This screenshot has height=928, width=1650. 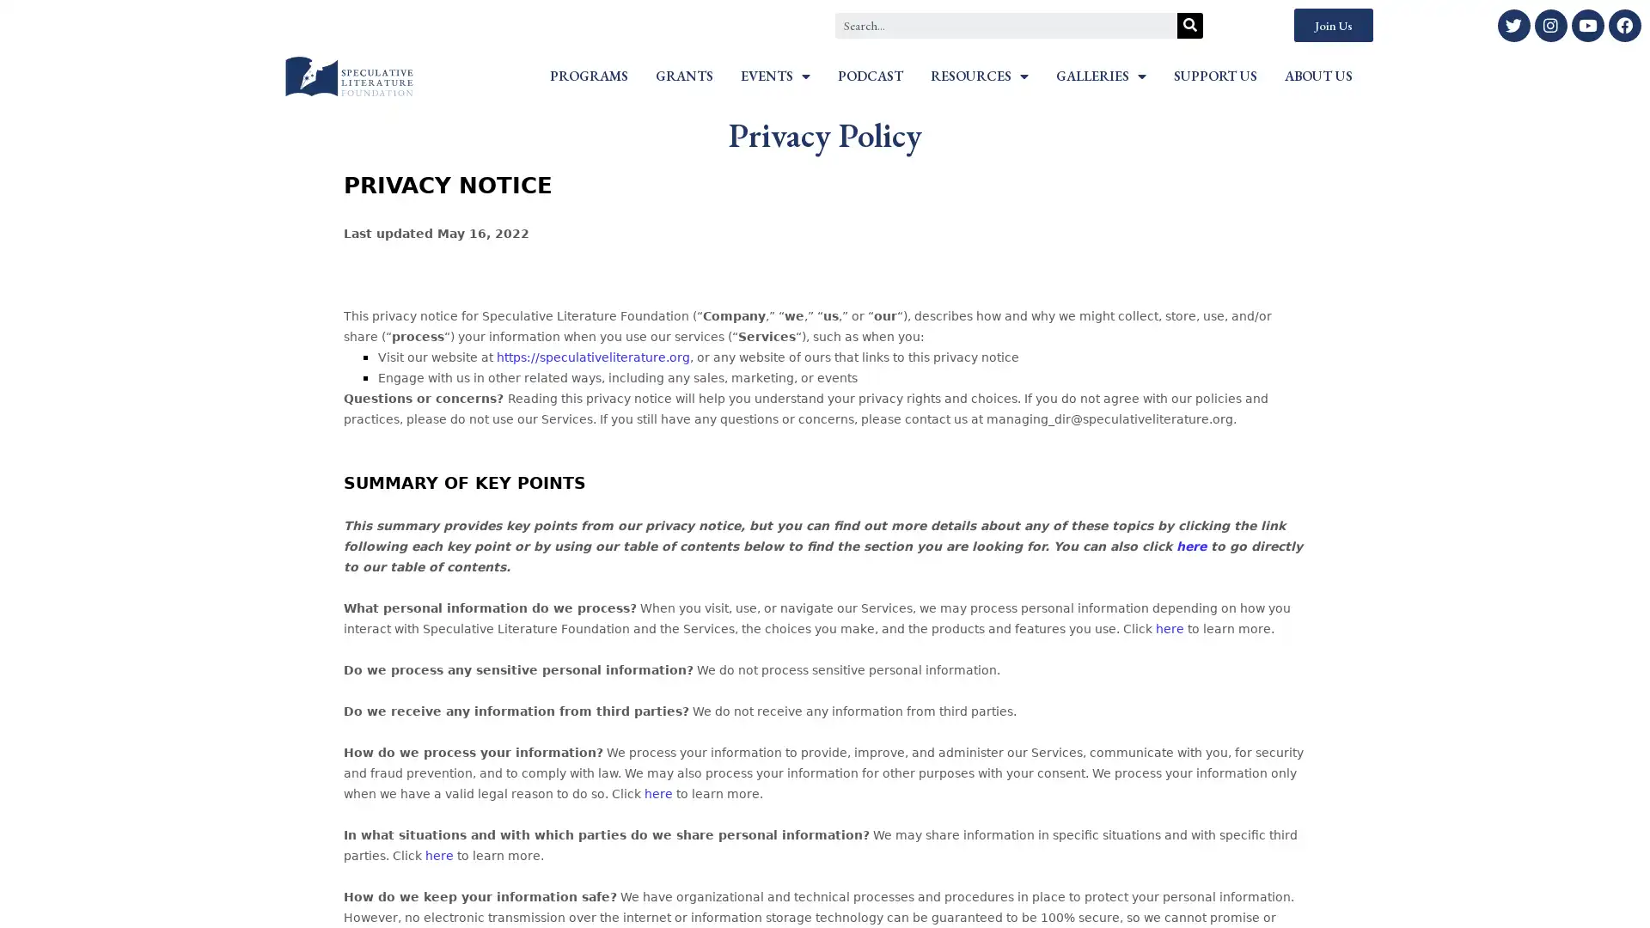 What do you see at coordinates (1332, 25) in the screenshot?
I see `Join Us` at bounding box center [1332, 25].